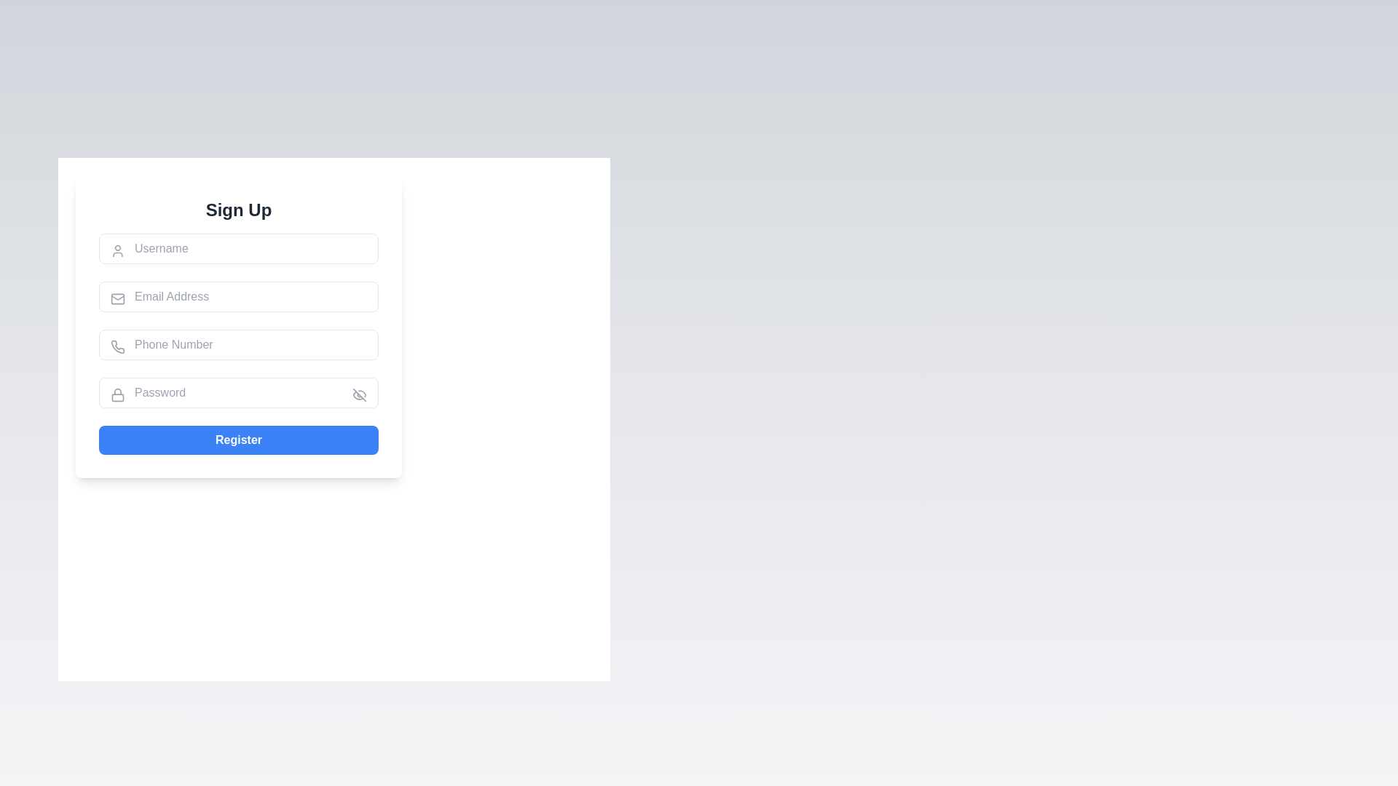  Describe the element at coordinates (118, 298) in the screenshot. I see `main rectangular body of the envelope icon located to the left of the 'Email Address' input field by clicking on it` at that location.